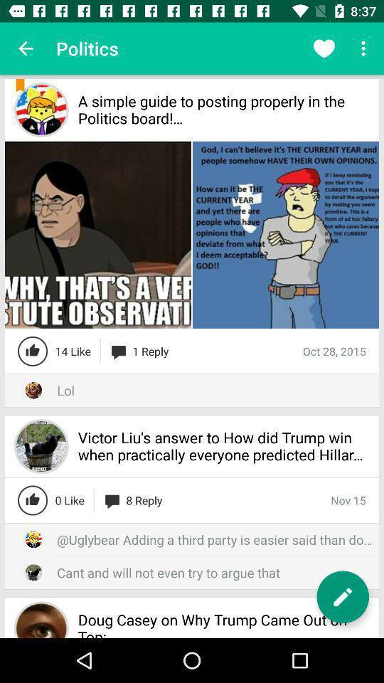  What do you see at coordinates (366, 48) in the screenshot?
I see `three vertical dots which is at top right corner of the page` at bounding box center [366, 48].